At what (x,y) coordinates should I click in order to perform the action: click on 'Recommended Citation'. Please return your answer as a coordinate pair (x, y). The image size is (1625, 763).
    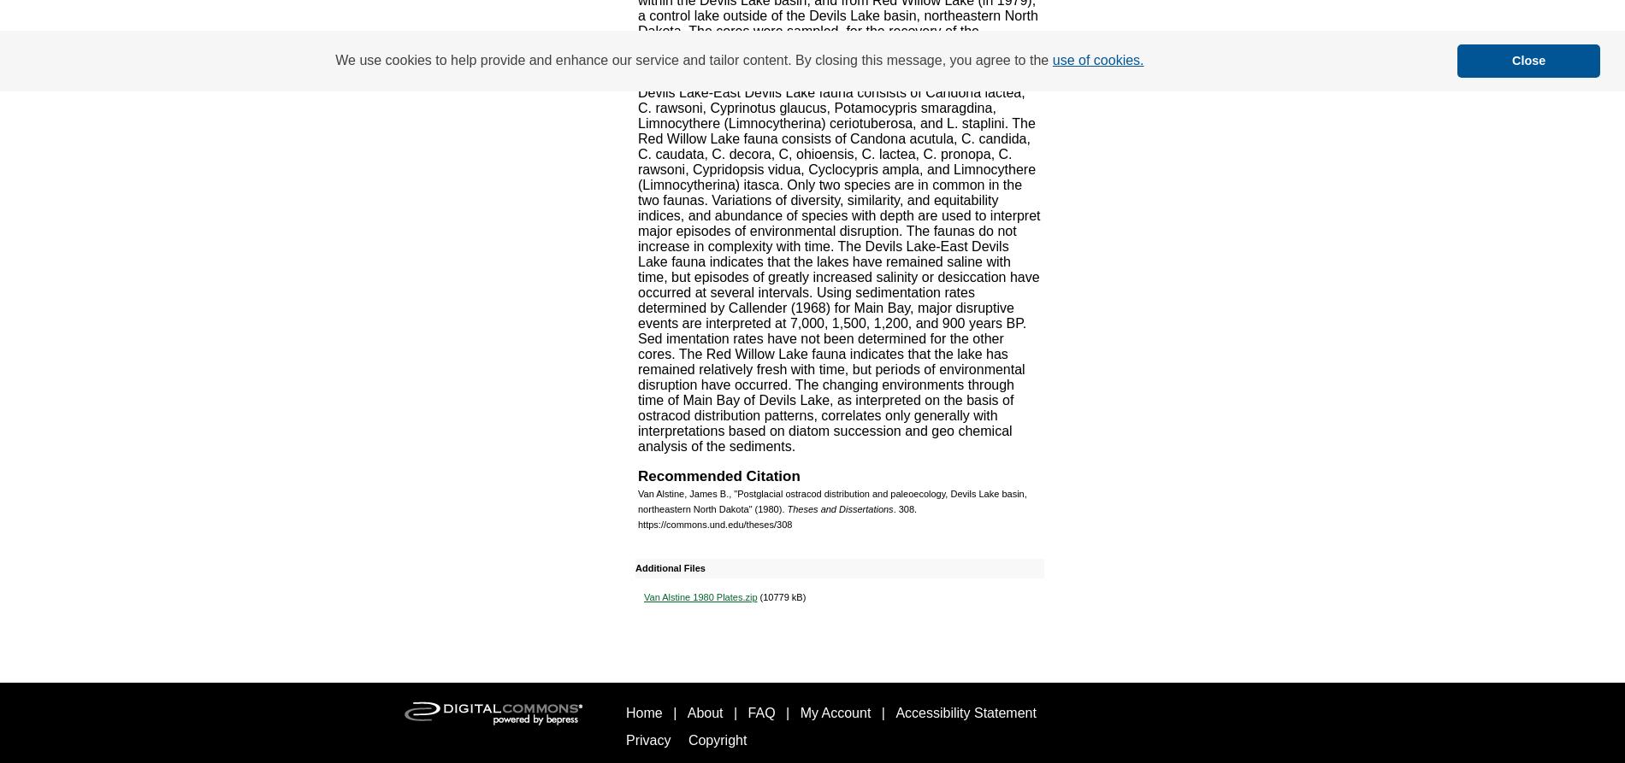
    Looking at the image, I should click on (718, 474).